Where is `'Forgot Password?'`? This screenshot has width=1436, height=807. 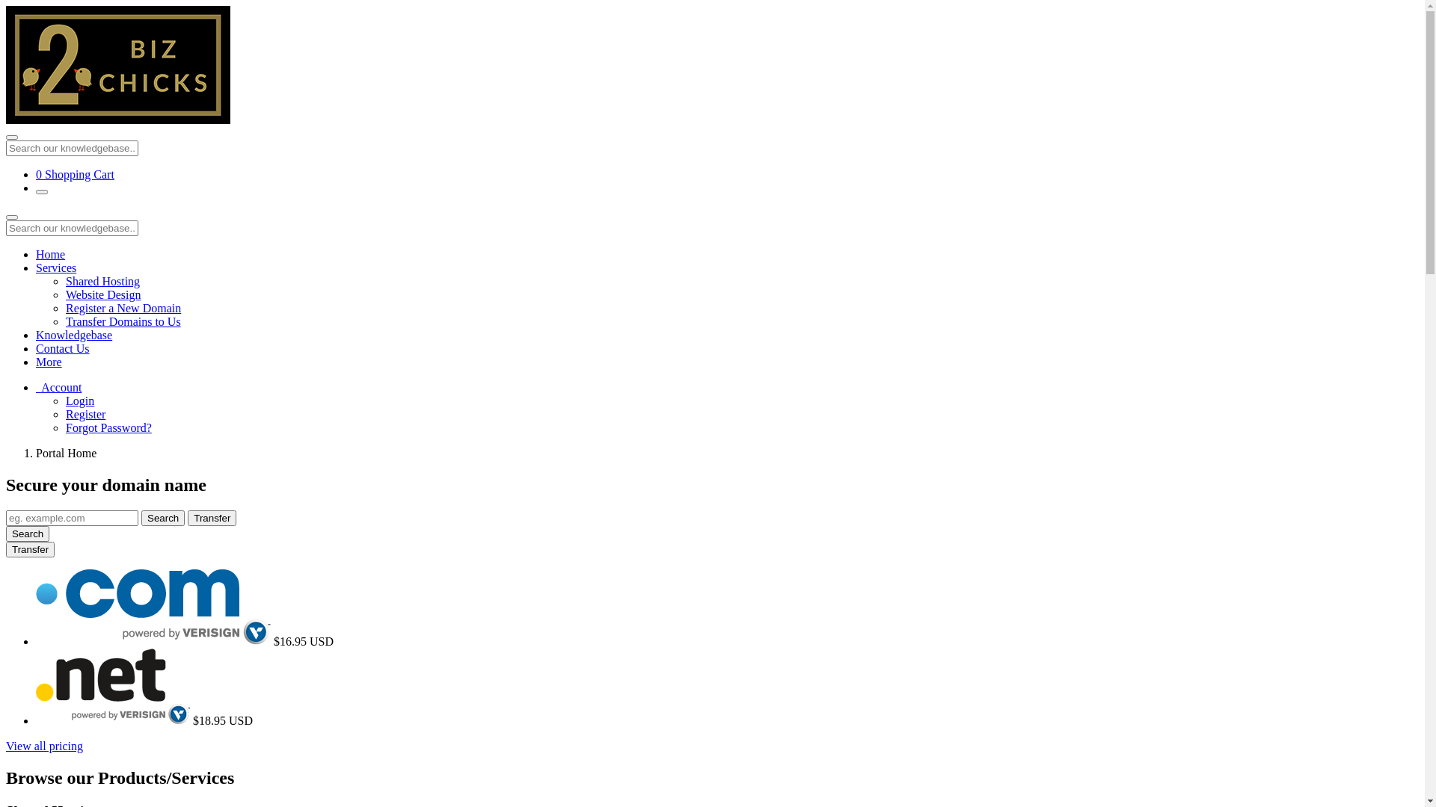
'Forgot Password?' is located at coordinates (108, 427).